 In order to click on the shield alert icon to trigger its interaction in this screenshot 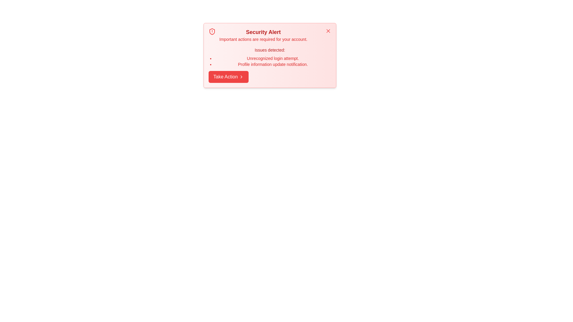, I will do `click(212, 31)`.